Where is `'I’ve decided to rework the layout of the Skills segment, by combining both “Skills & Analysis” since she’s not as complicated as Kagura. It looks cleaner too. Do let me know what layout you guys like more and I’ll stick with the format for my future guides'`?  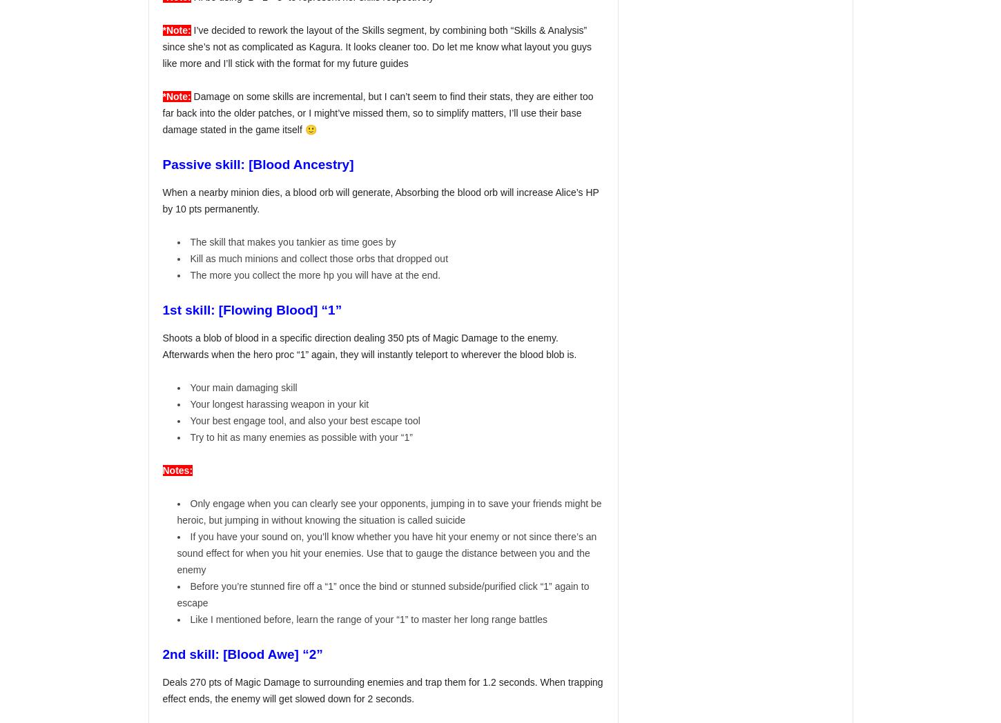 'I’ve decided to rework the layout of the Skills segment, by combining both “Skills & Analysis” since she’s not as complicated as Kagura. It looks cleaner too. Do let me know what layout you guys like more and I’ll stick with the format for my future guides' is located at coordinates (377, 47).